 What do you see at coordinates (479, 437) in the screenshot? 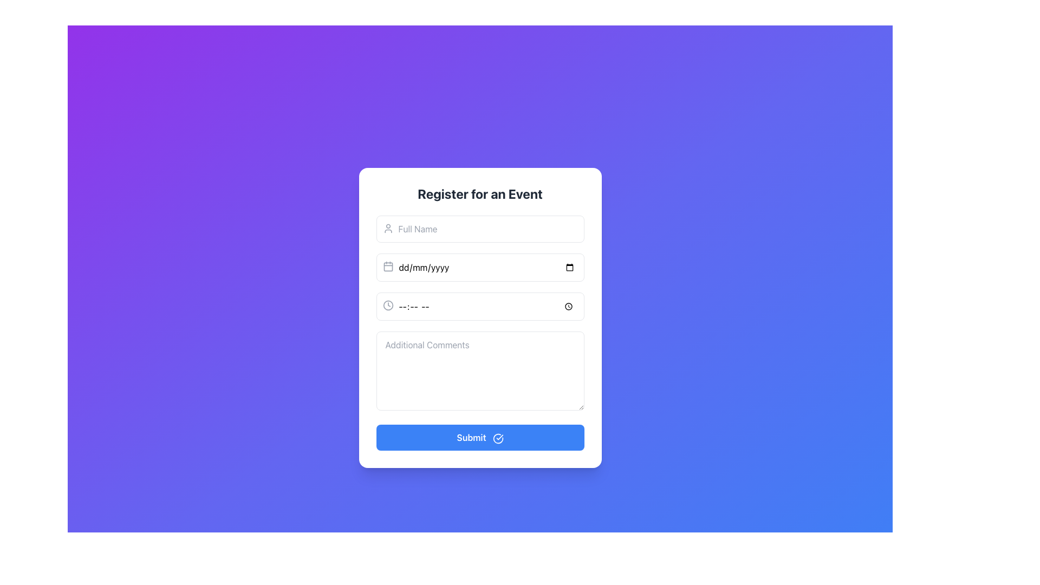
I see `the form submission button` at bounding box center [479, 437].